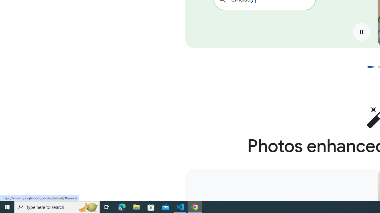 The height and width of the screenshot is (213, 380). What do you see at coordinates (361, 32) in the screenshot?
I see `'Pause'` at bounding box center [361, 32].